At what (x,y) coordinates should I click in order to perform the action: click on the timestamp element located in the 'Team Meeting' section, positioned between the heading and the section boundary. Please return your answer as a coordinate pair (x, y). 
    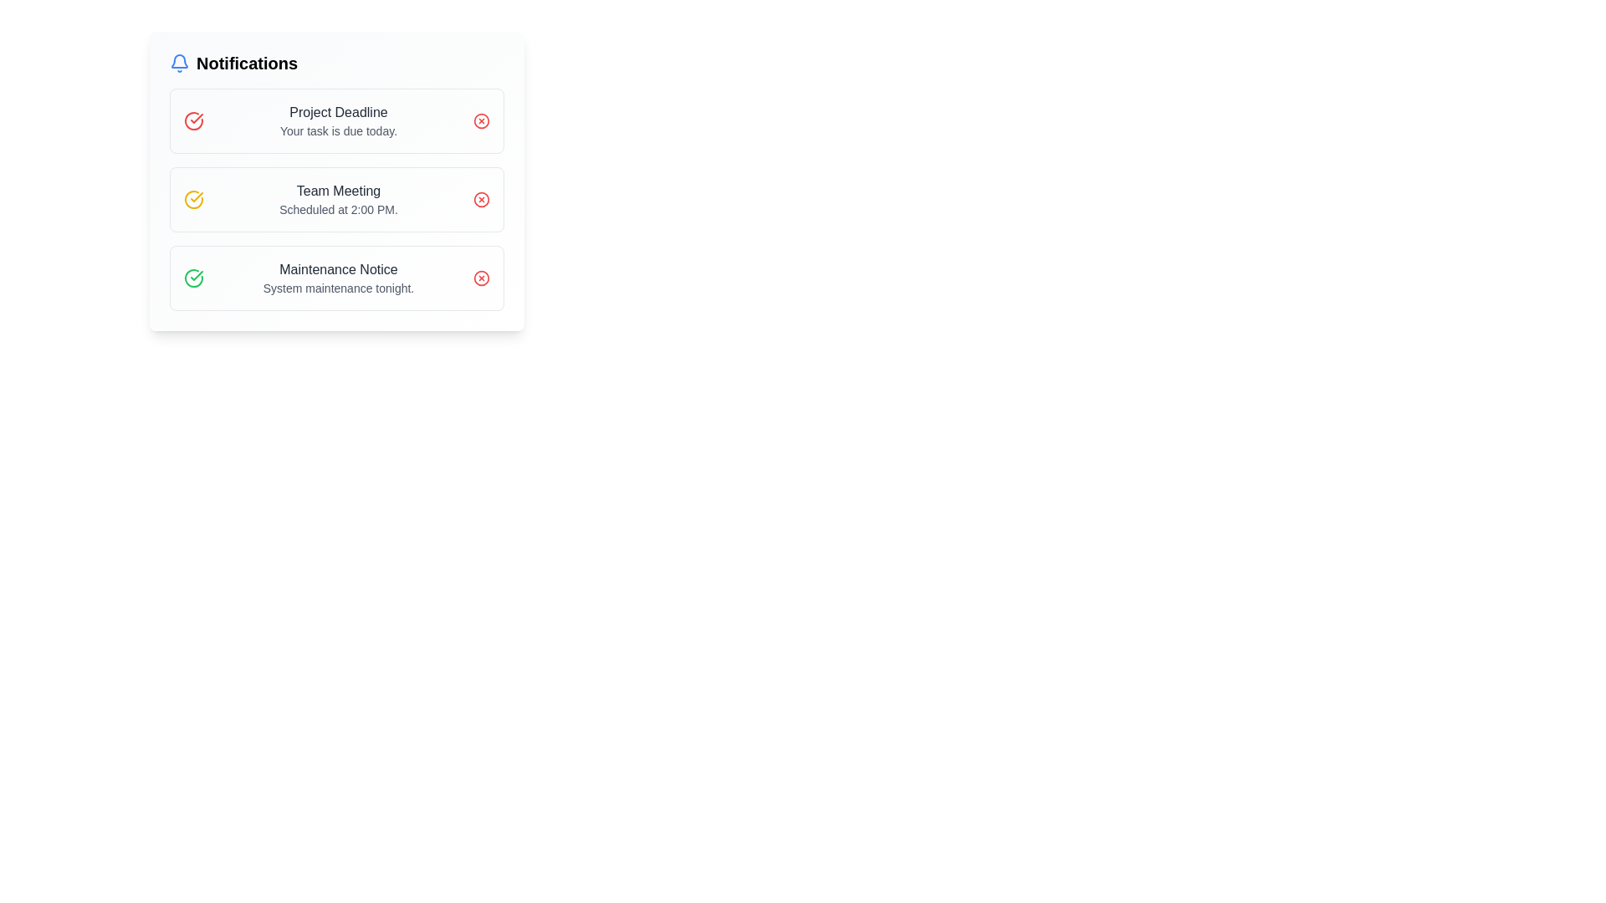
    Looking at the image, I should click on (337, 208).